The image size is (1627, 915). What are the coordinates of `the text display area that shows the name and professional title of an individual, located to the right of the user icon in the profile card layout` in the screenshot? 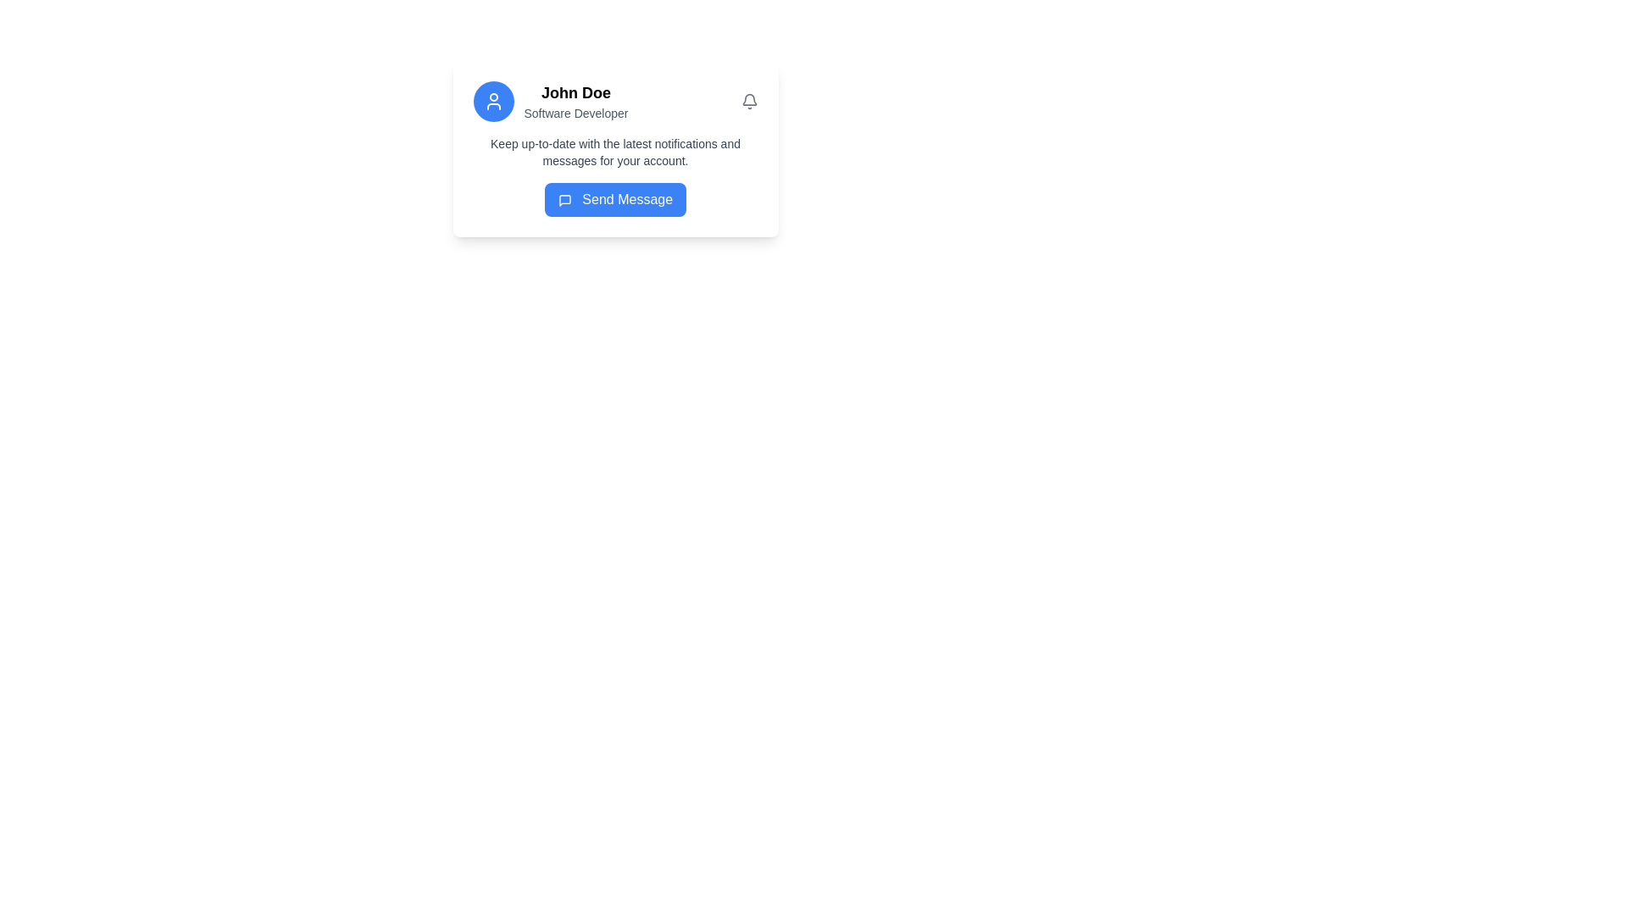 It's located at (576, 101).